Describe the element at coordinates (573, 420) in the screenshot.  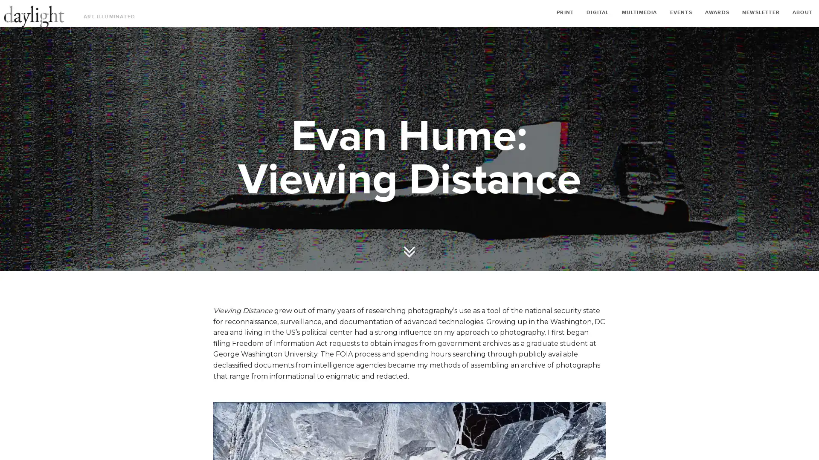
I see `Share on Pinterest` at that location.